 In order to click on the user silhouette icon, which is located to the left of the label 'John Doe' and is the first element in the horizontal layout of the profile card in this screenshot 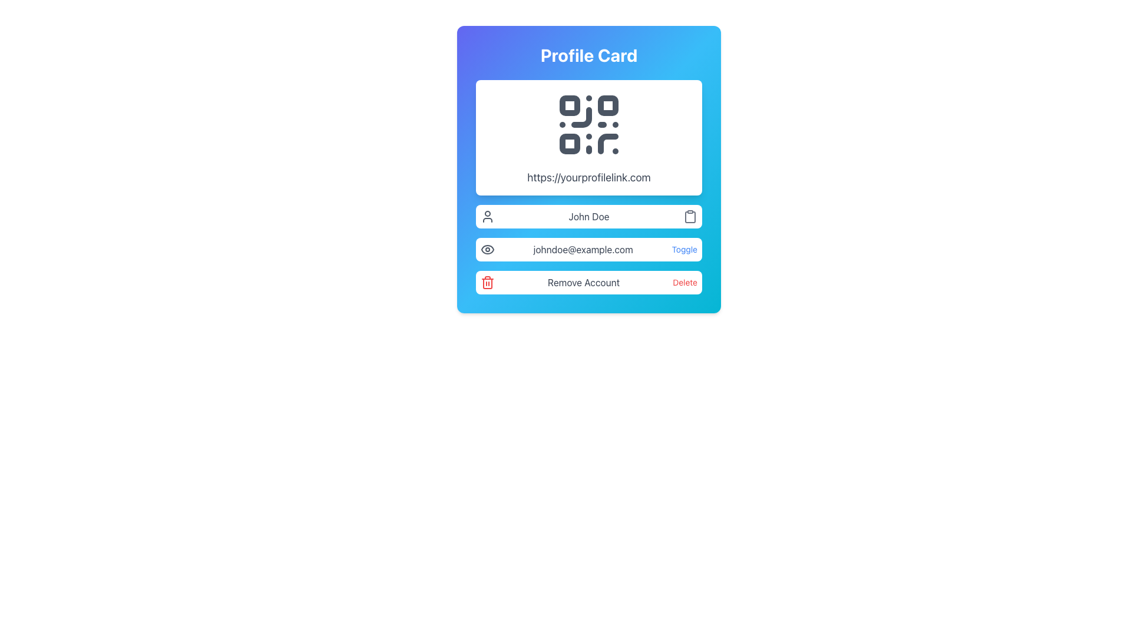, I will do `click(488, 216)`.